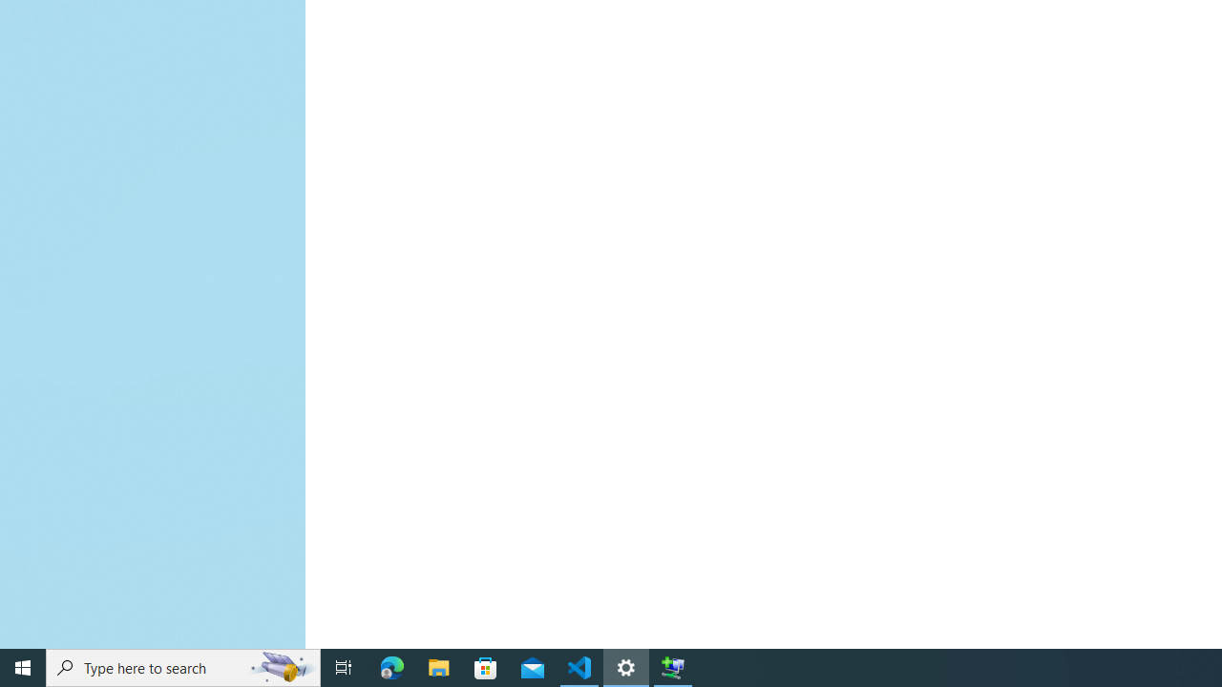 This screenshot has height=687, width=1222. Describe the element at coordinates (438, 666) in the screenshot. I see `'File Explorer'` at that location.